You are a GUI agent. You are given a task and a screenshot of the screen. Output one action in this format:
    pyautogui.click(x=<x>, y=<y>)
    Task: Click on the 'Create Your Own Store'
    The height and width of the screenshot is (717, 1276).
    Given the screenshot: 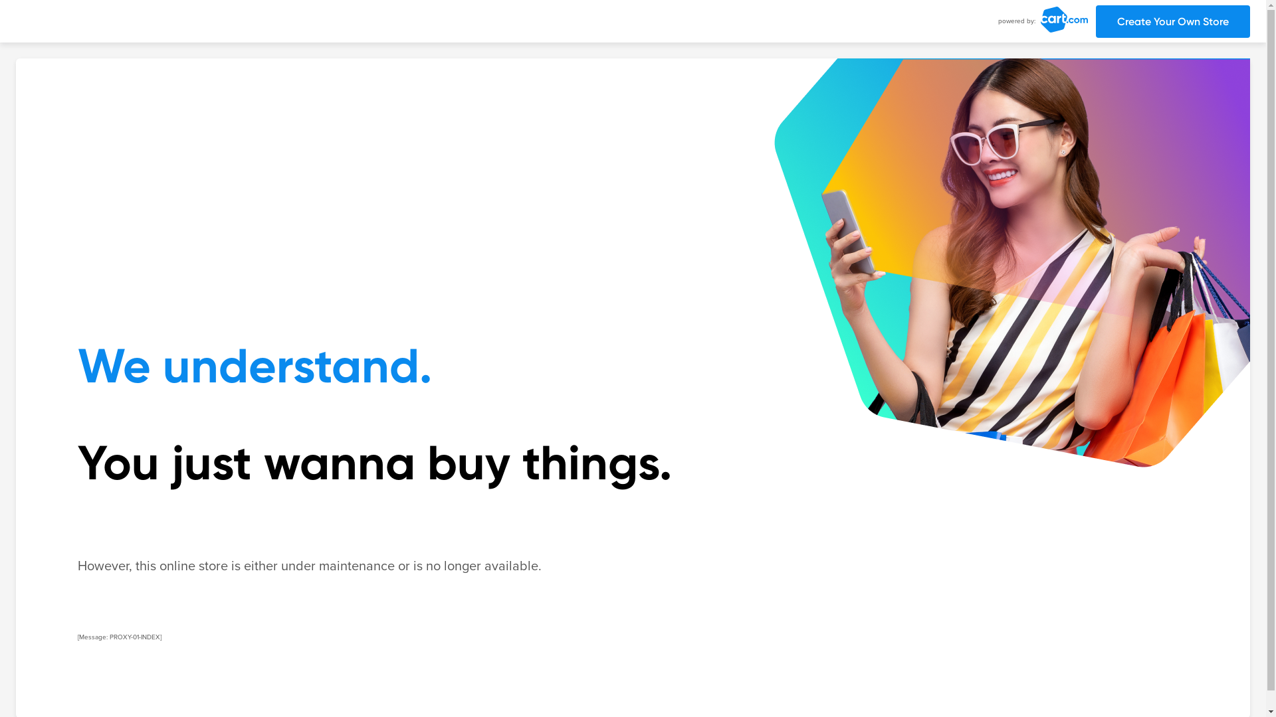 What is the action you would take?
    pyautogui.click(x=1173, y=21)
    